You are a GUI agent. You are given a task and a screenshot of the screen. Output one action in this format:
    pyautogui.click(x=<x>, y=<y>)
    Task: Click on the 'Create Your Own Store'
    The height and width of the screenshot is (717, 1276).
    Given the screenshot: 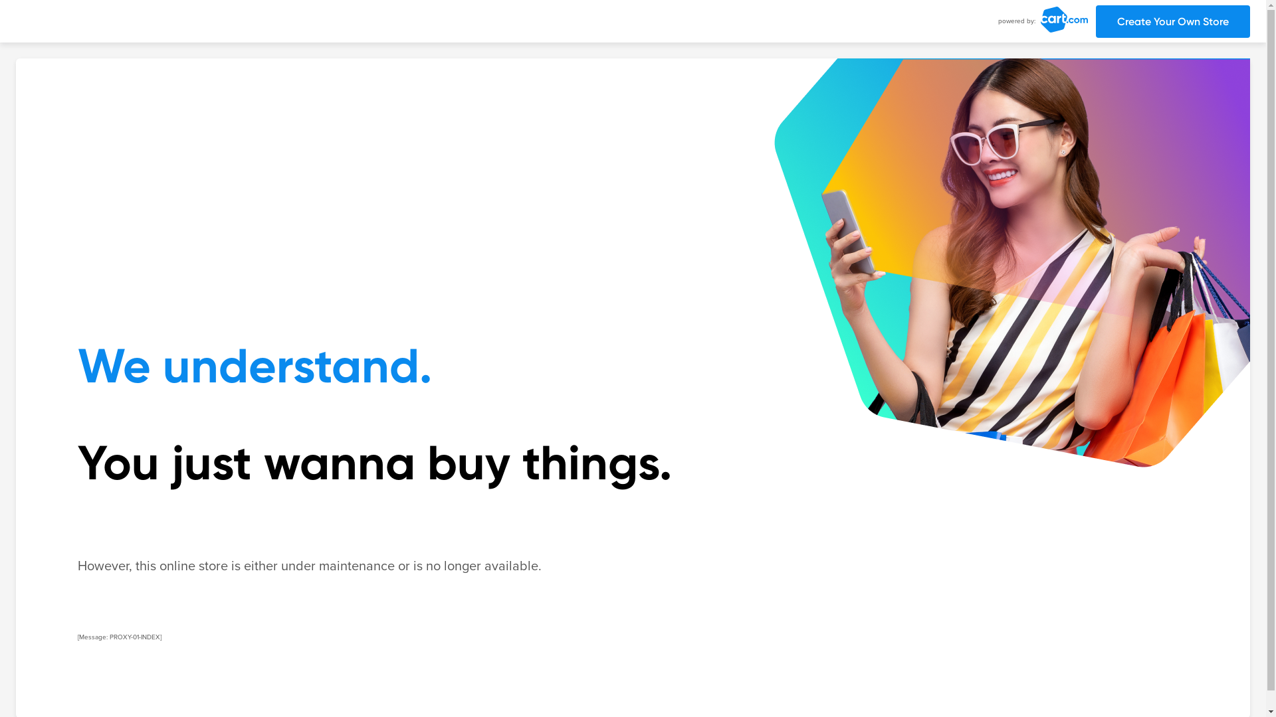 What is the action you would take?
    pyautogui.click(x=1173, y=21)
    